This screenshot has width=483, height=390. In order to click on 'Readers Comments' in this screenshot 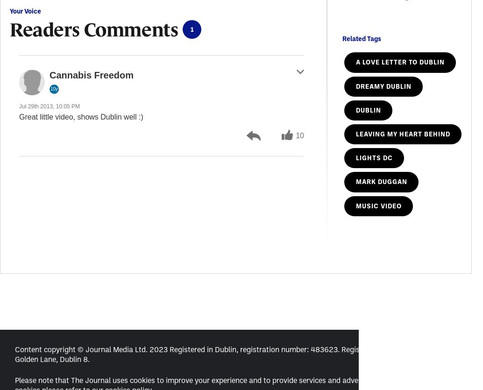, I will do `click(94, 29)`.